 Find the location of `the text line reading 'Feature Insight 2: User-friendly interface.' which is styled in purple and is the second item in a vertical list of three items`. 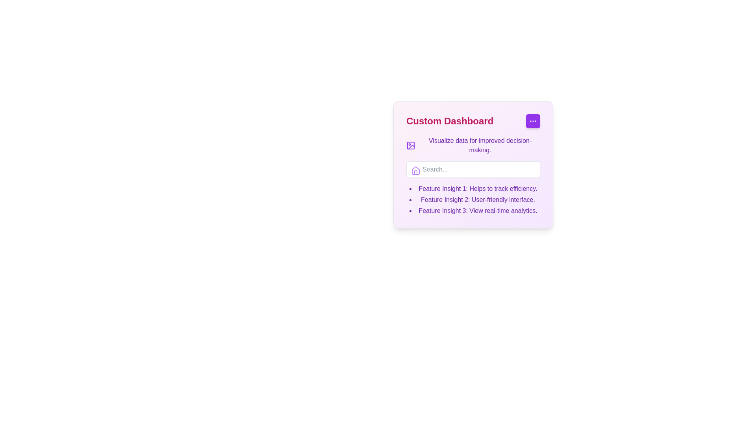

the text line reading 'Feature Insight 2: User-friendly interface.' which is styled in purple and is the second item in a vertical list of three items is located at coordinates (478, 200).